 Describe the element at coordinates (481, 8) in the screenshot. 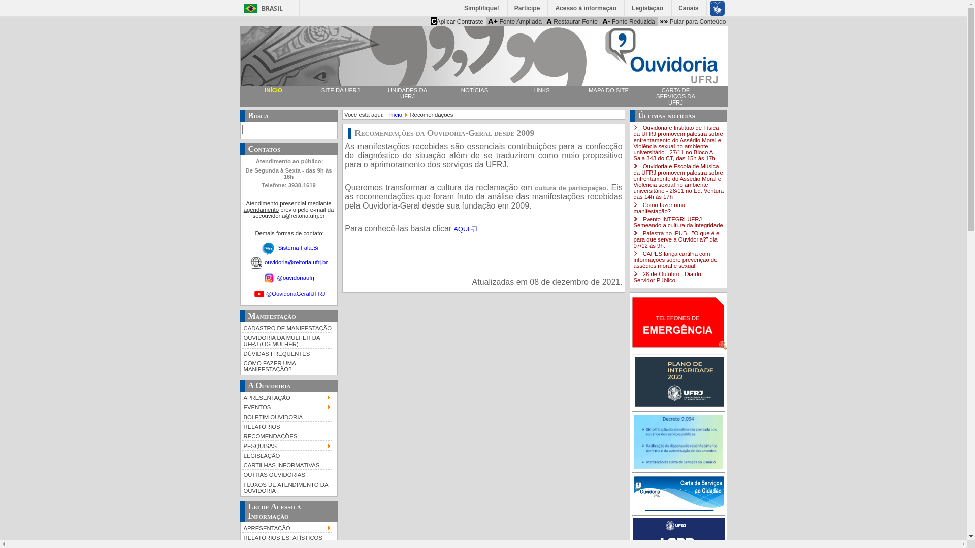

I see `'Simplifique!'` at that location.